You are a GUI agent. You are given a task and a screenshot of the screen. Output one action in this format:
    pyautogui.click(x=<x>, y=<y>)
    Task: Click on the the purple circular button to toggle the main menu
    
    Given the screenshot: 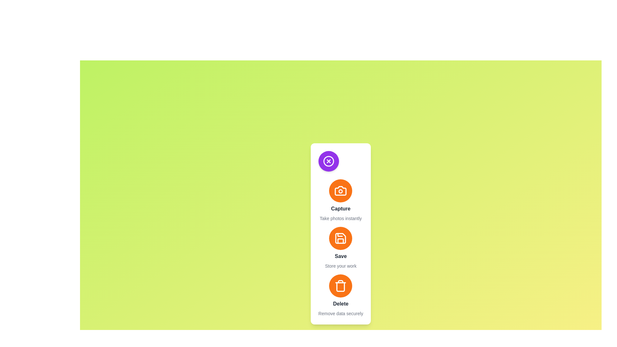 What is the action you would take?
    pyautogui.click(x=328, y=161)
    